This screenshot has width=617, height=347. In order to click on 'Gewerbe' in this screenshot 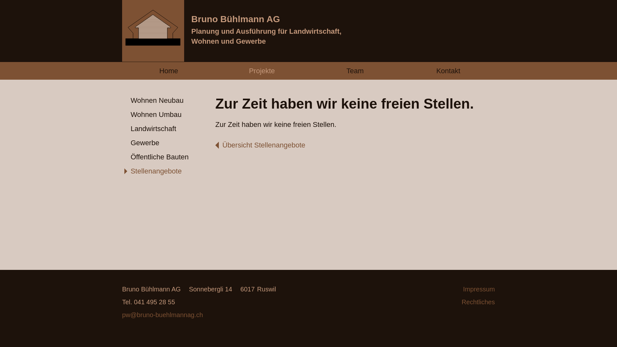, I will do `click(122, 143)`.